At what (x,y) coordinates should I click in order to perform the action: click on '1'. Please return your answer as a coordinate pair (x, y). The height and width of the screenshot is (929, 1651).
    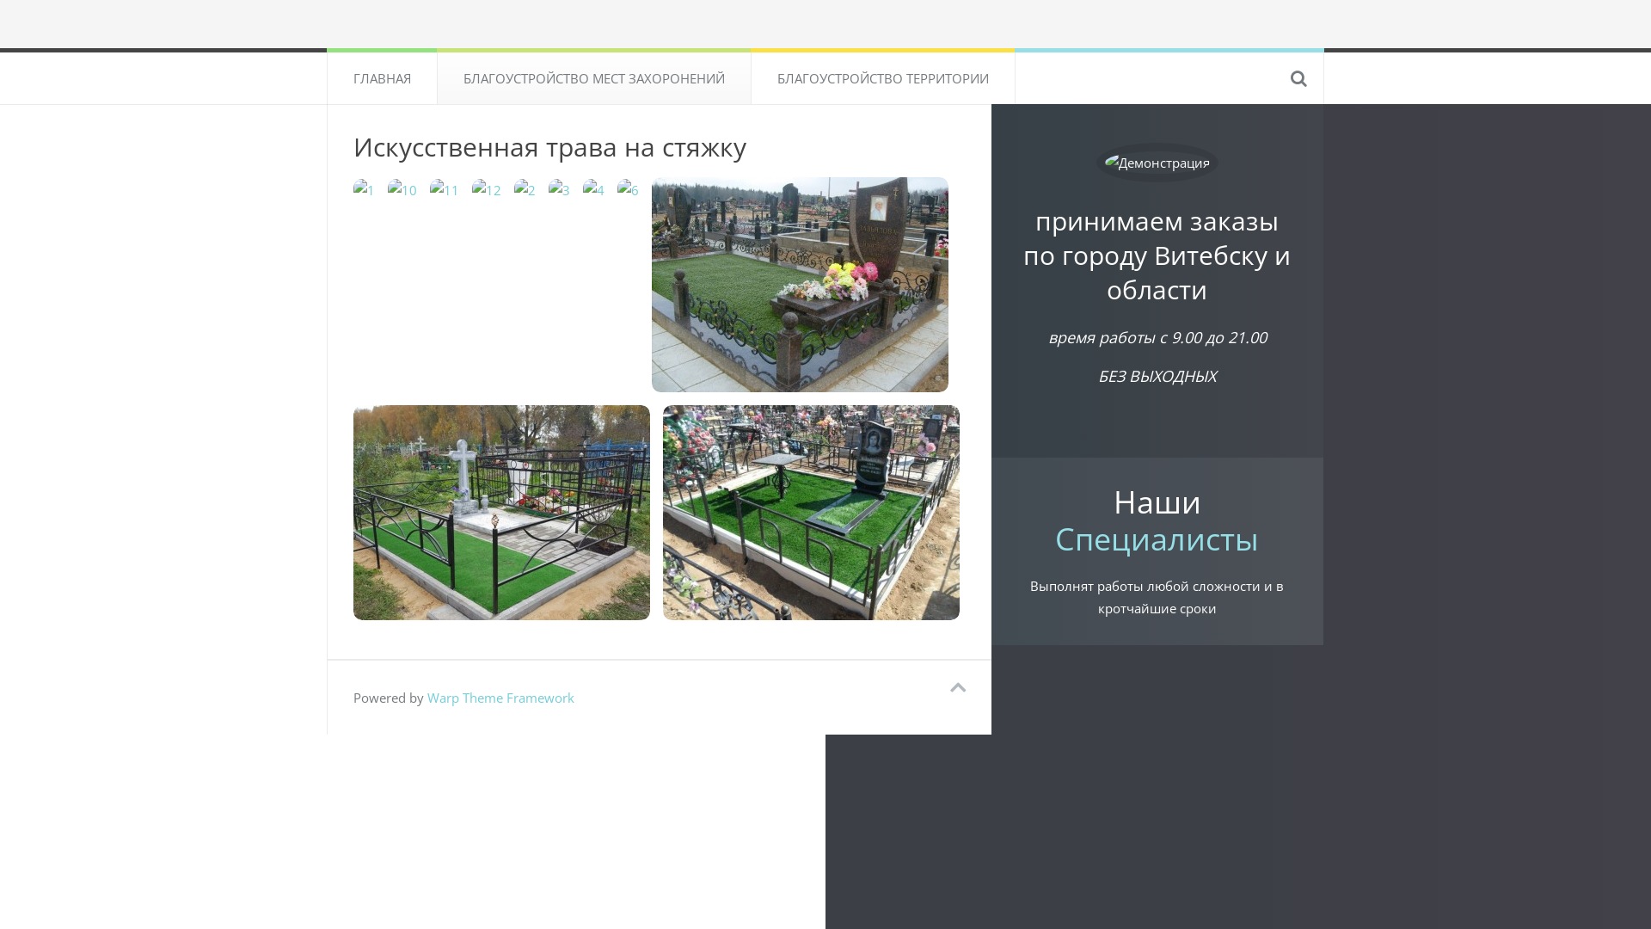
    Looking at the image, I should click on (353, 188).